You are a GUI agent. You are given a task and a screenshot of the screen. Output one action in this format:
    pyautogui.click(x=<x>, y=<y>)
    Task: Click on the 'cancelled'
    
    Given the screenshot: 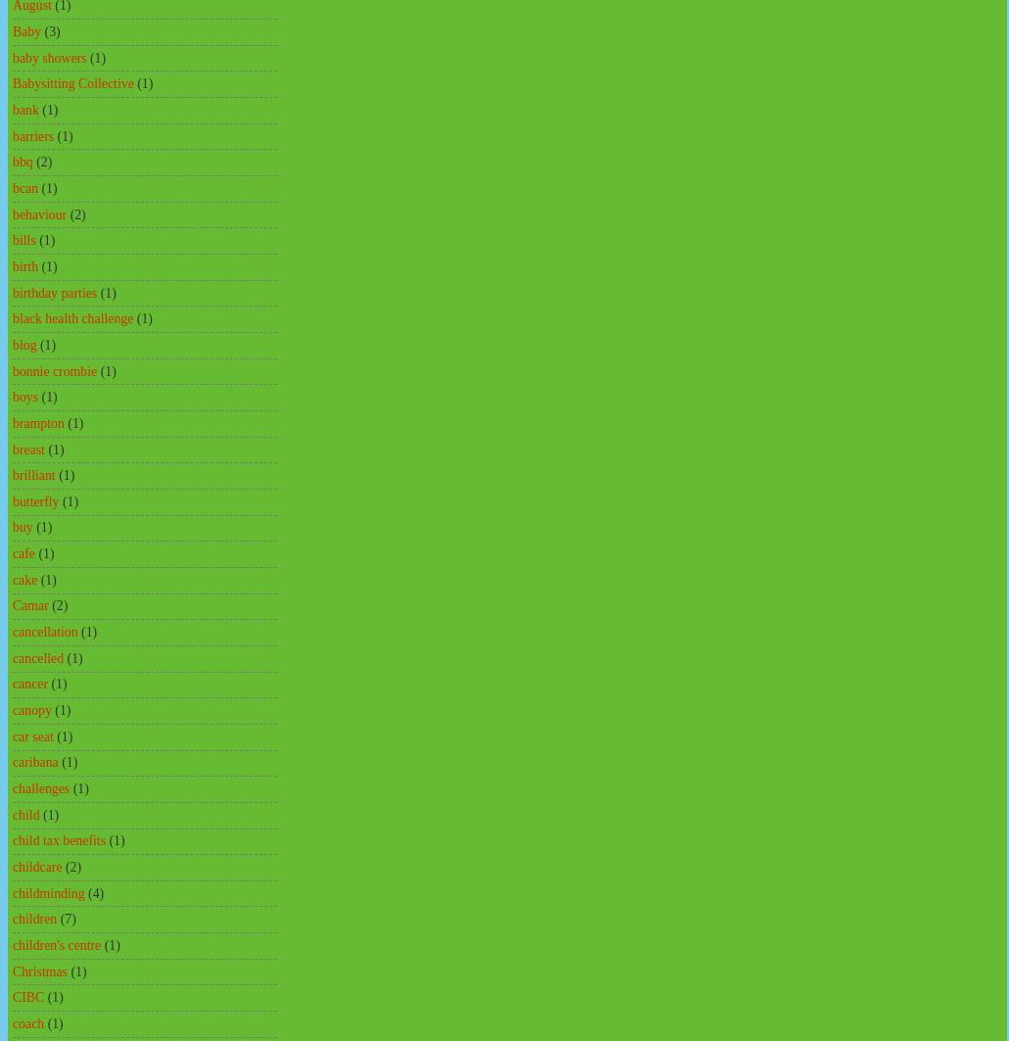 What is the action you would take?
    pyautogui.click(x=38, y=656)
    